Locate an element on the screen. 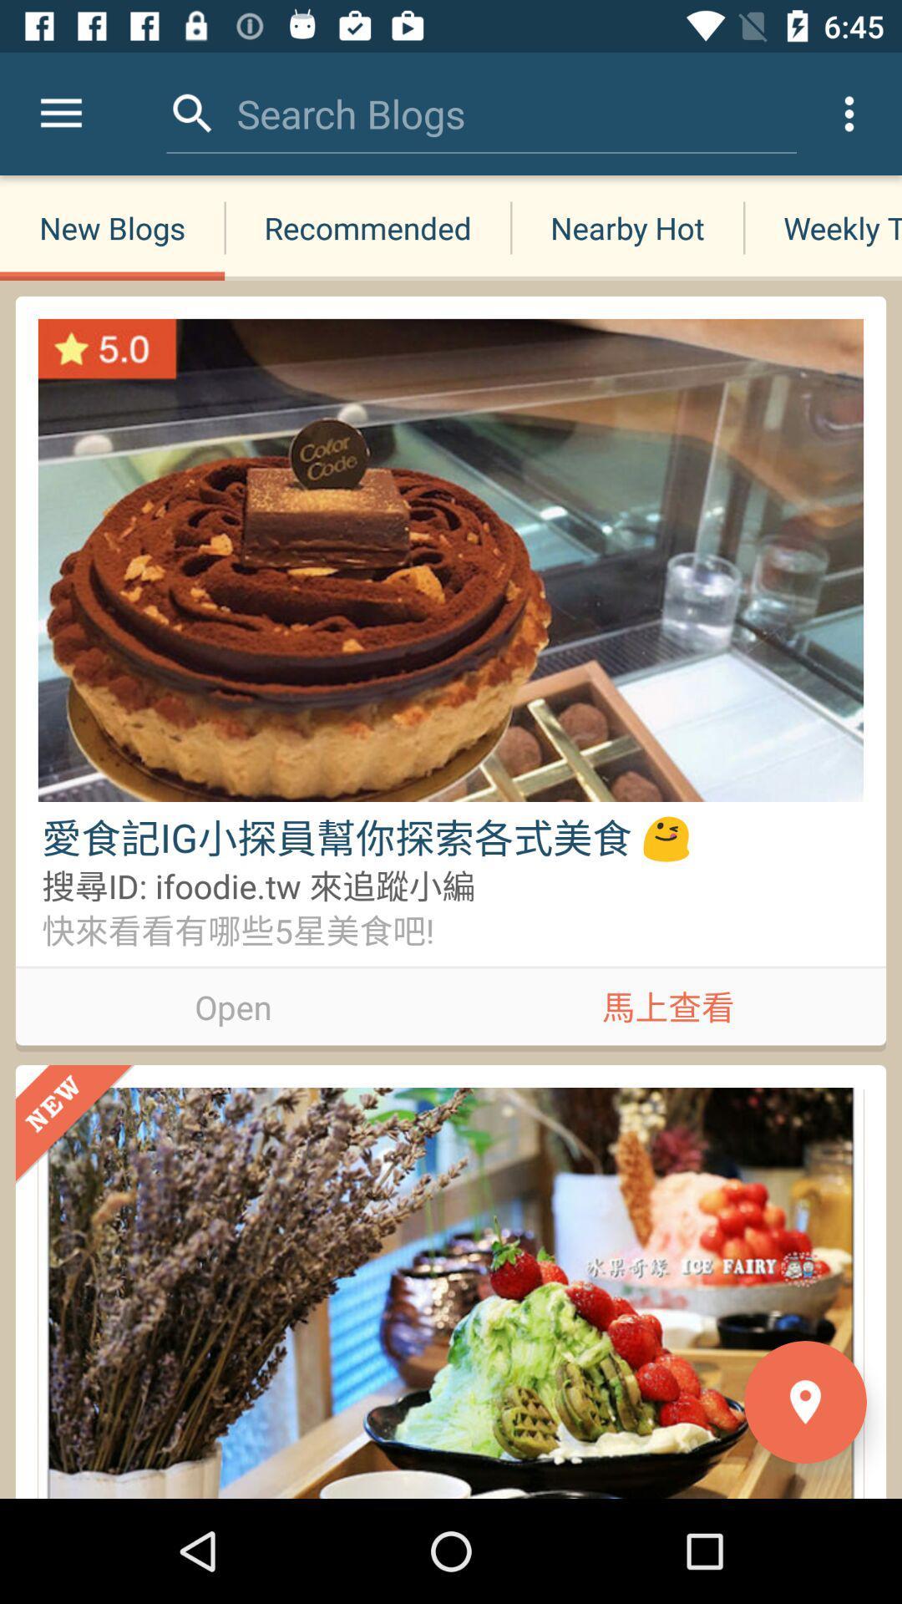 This screenshot has height=1604, width=902. new blogs item is located at coordinates (112, 227).